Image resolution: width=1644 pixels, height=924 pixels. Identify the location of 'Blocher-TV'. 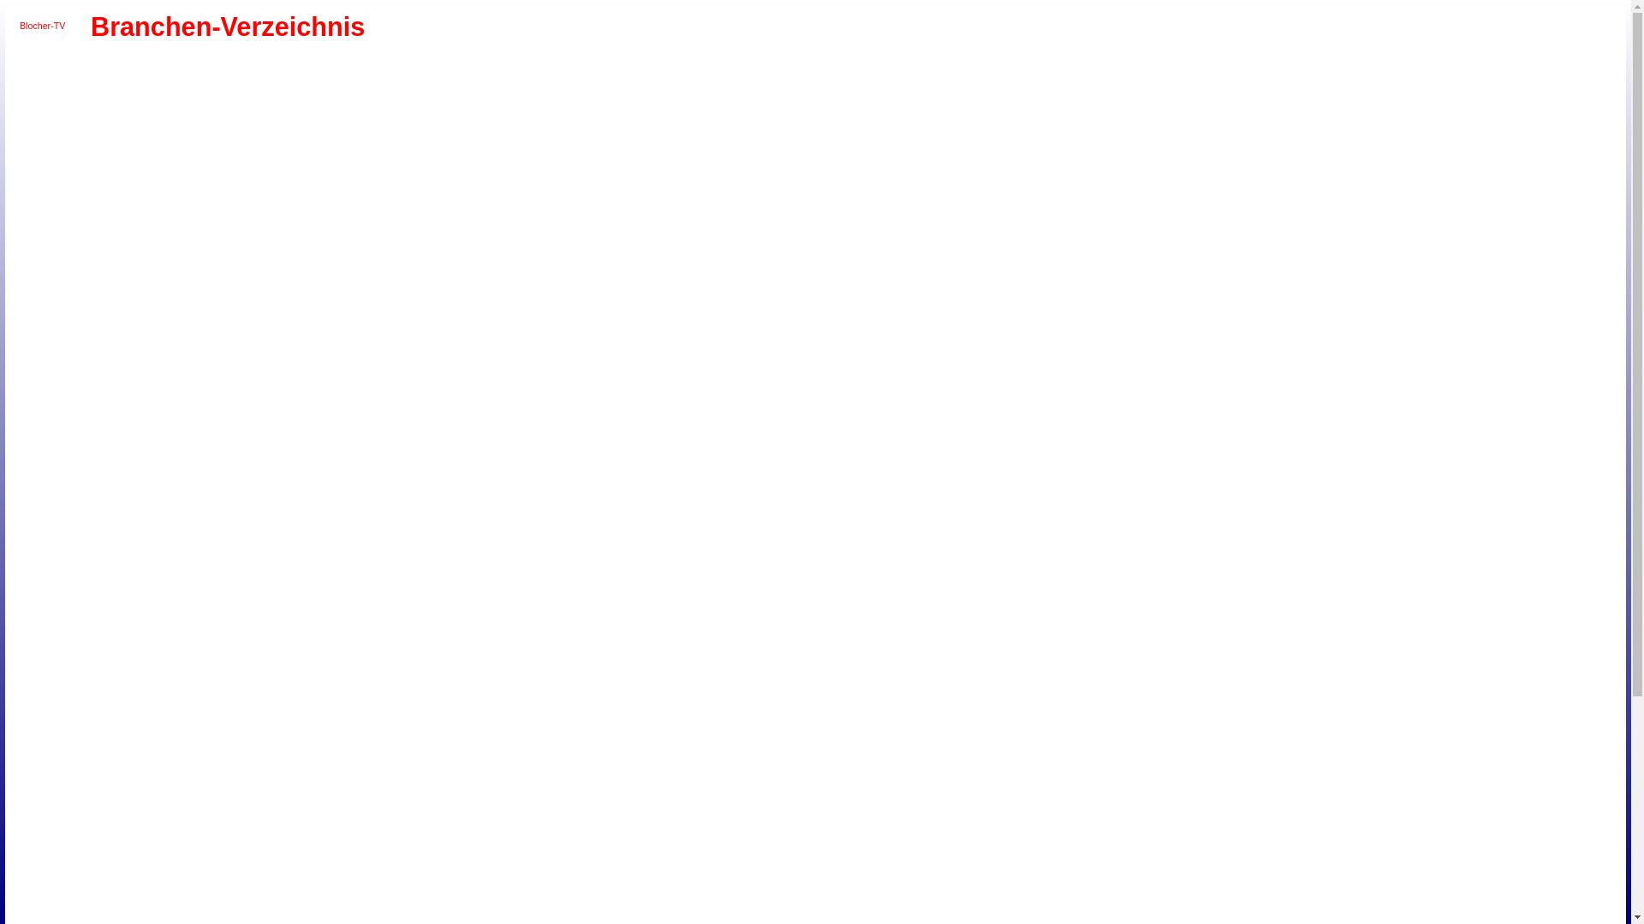
(42, 26).